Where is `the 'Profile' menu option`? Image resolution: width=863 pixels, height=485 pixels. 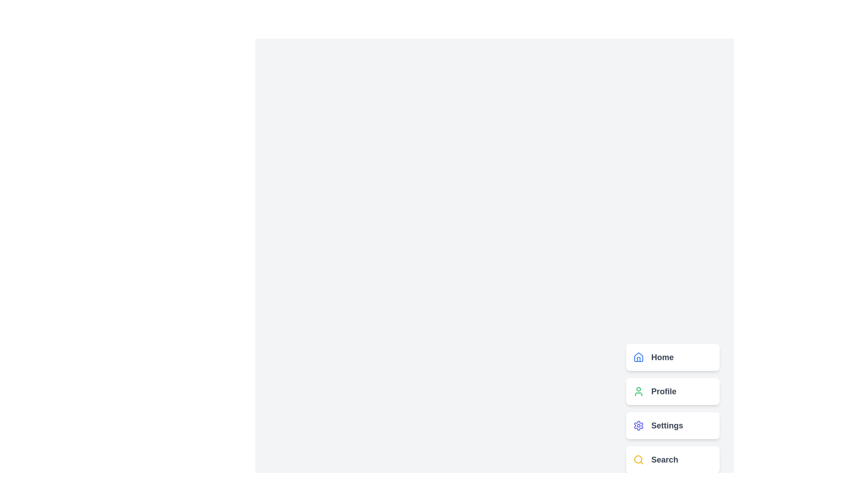
the 'Profile' menu option is located at coordinates (673, 391).